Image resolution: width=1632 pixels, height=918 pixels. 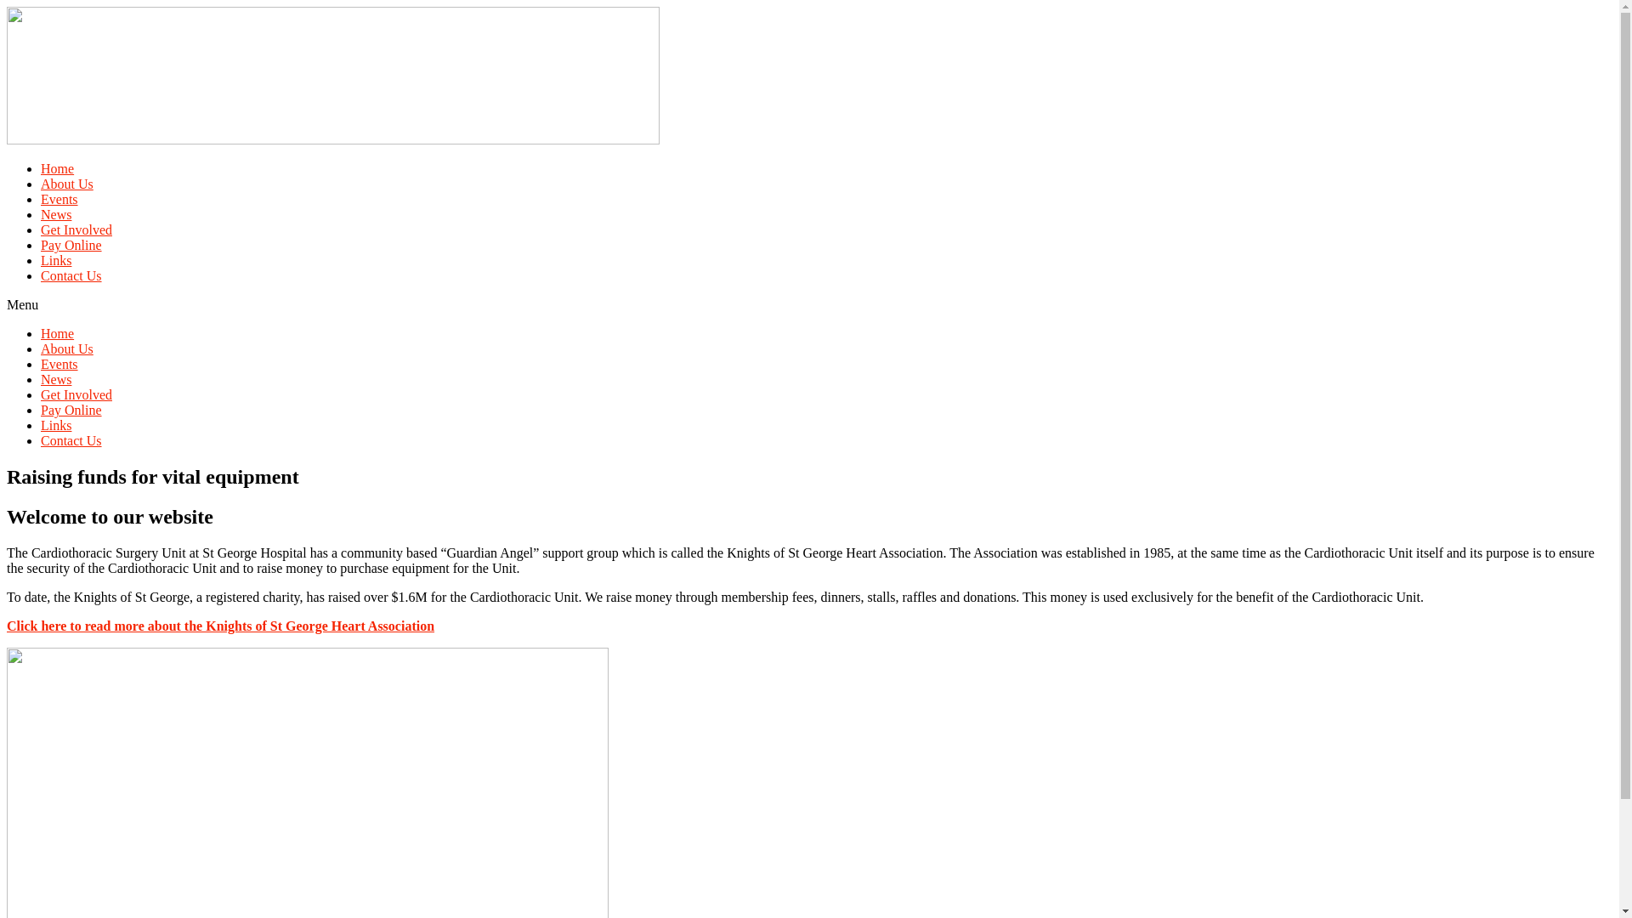 What do you see at coordinates (70, 439) in the screenshot?
I see `'Contact Us'` at bounding box center [70, 439].